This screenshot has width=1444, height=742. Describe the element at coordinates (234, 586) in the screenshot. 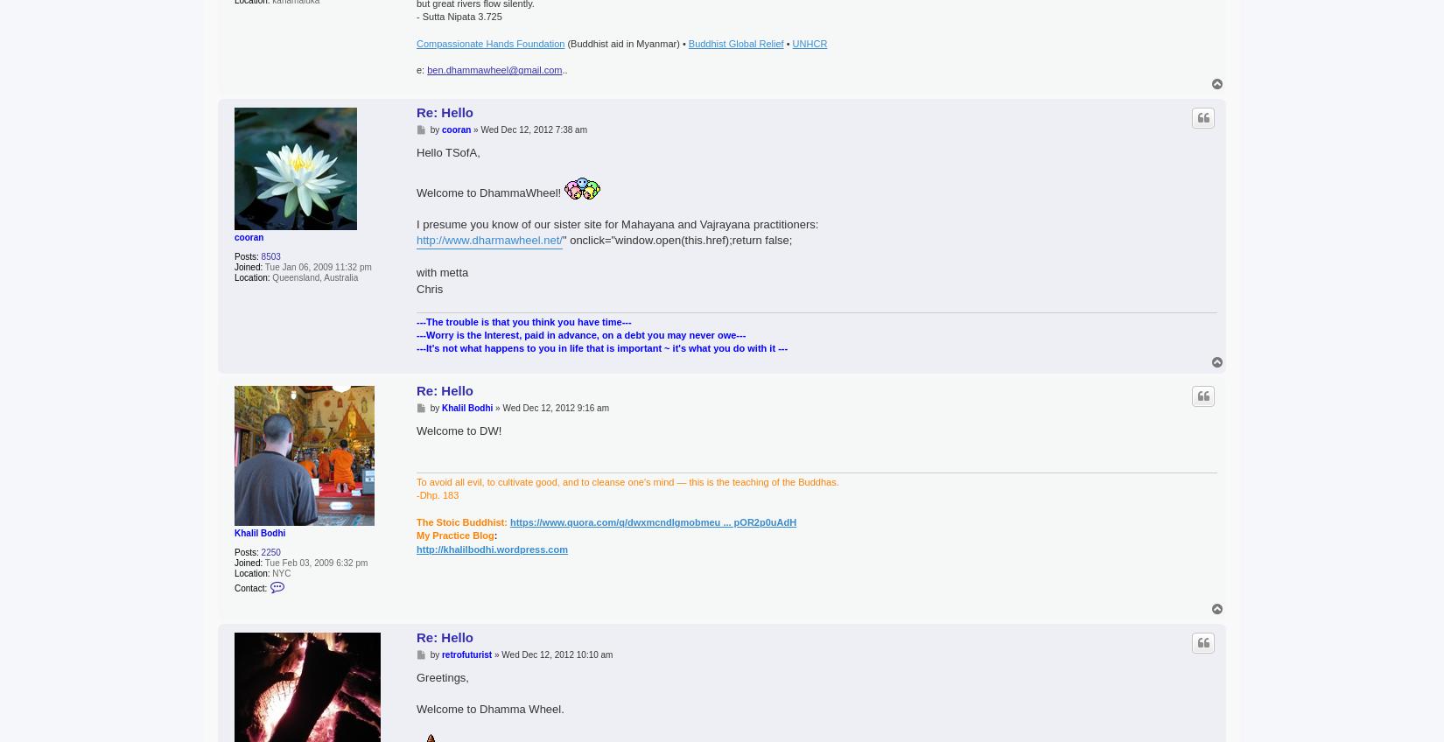

I see `'Contact:'` at that location.